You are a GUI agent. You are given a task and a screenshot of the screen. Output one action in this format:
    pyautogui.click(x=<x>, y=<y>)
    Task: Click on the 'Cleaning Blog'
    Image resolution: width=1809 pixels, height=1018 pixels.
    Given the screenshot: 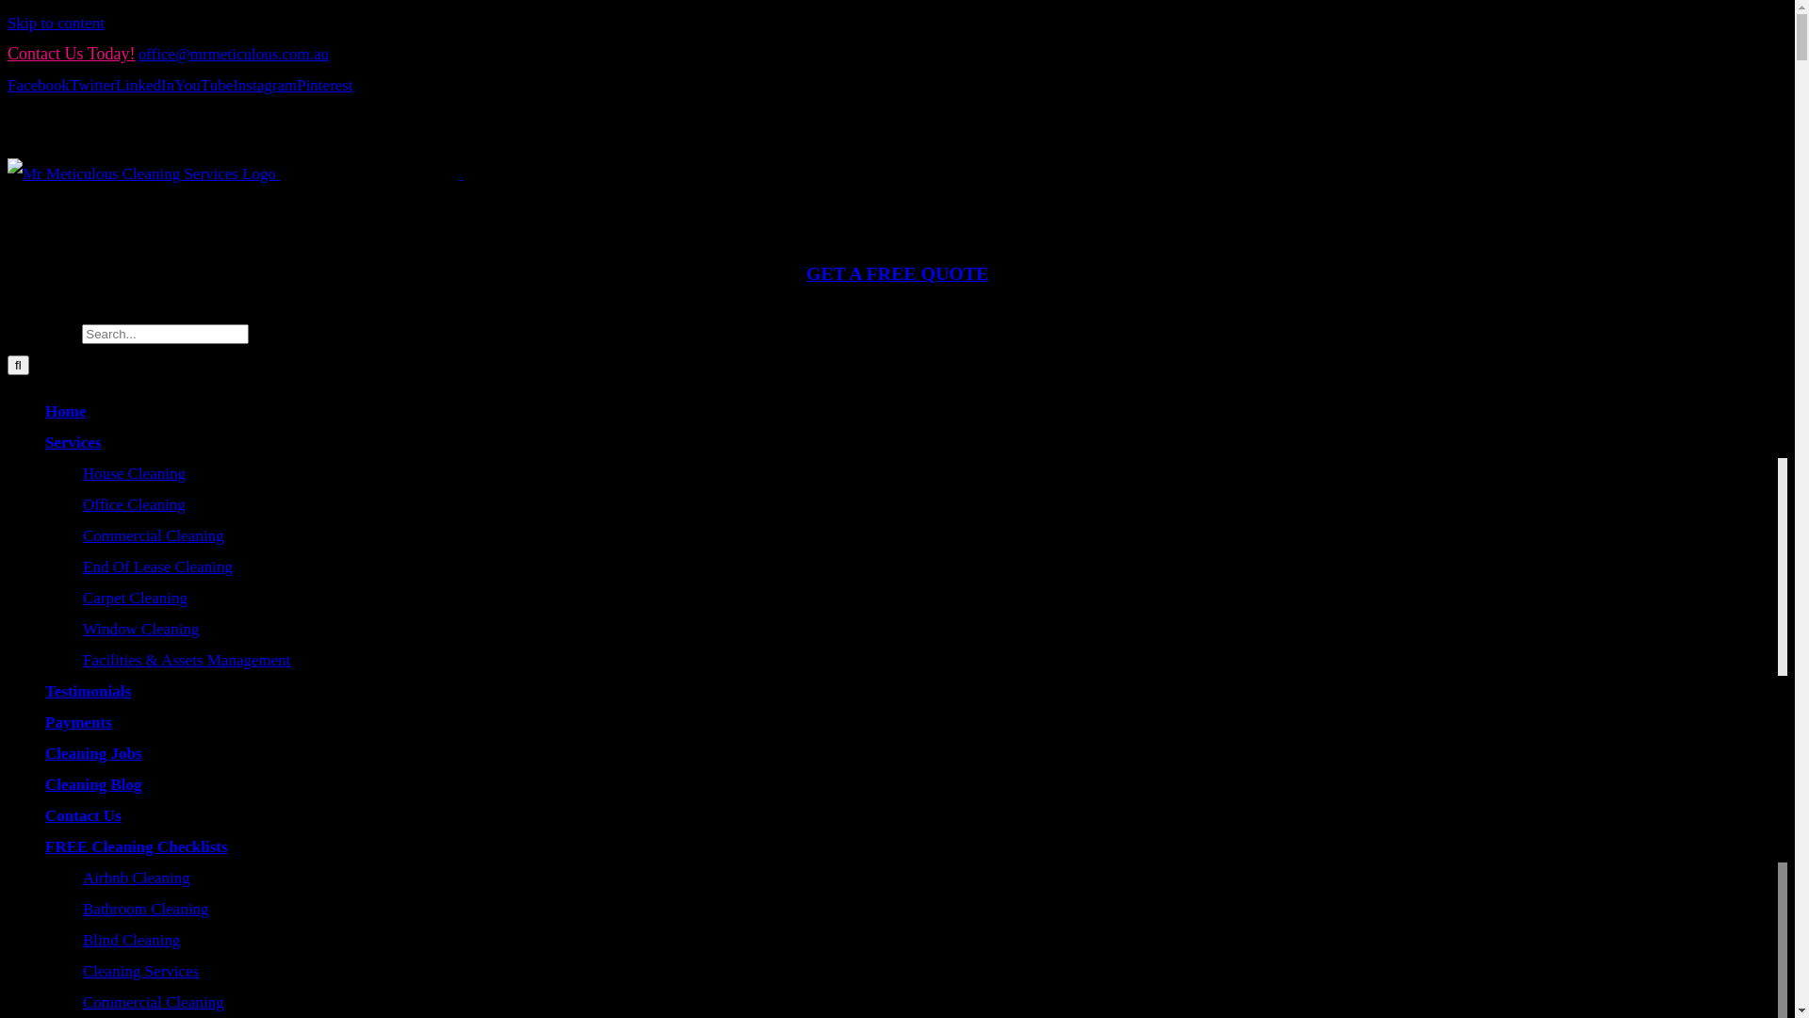 What is the action you would take?
    pyautogui.click(x=45, y=784)
    